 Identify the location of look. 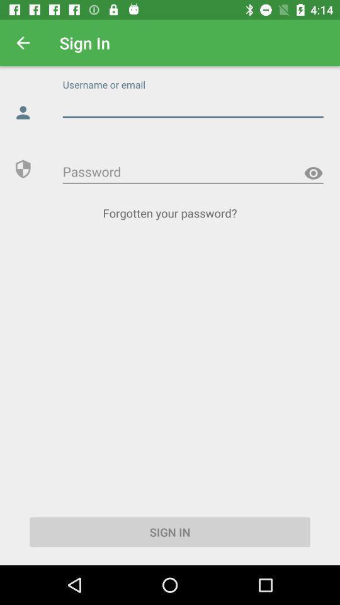
(312, 173).